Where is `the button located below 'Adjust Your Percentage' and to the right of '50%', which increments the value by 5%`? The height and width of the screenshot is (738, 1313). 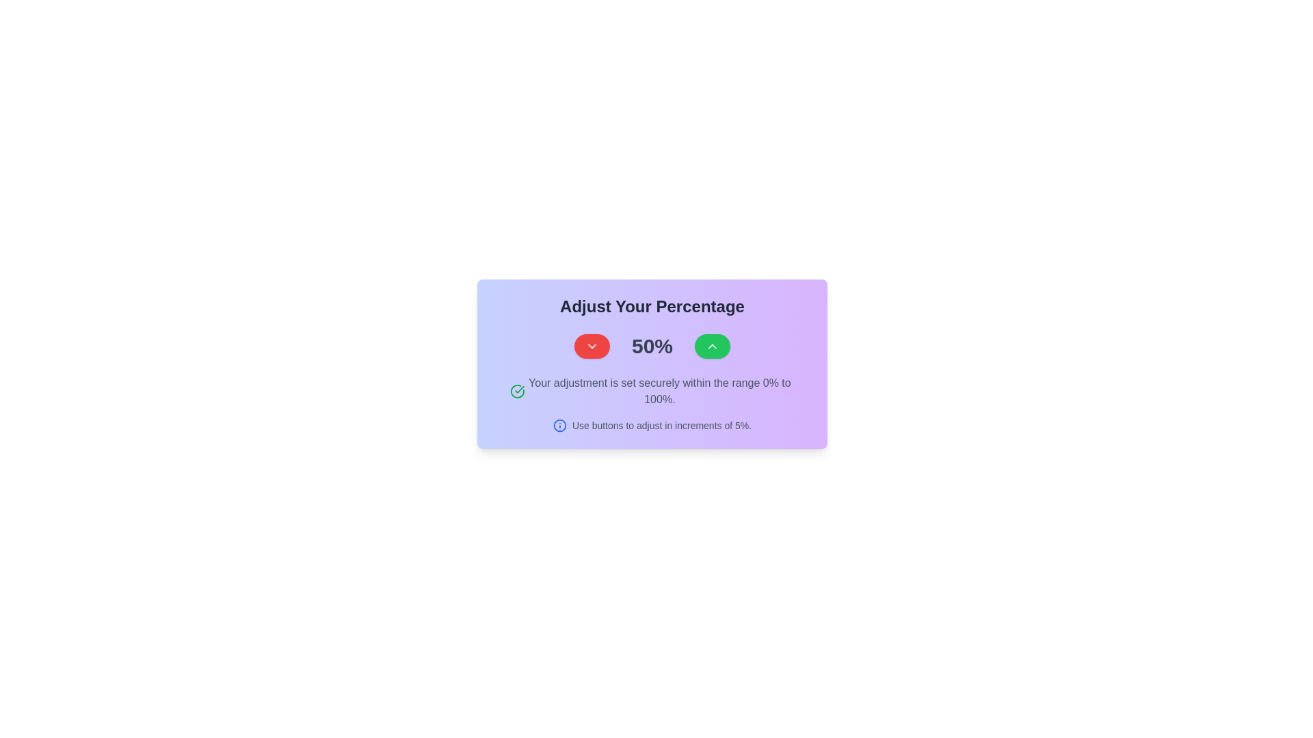
the button located below 'Adjust Your Percentage' and to the right of '50%', which increments the value by 5% is located at coordinates (711, 345).